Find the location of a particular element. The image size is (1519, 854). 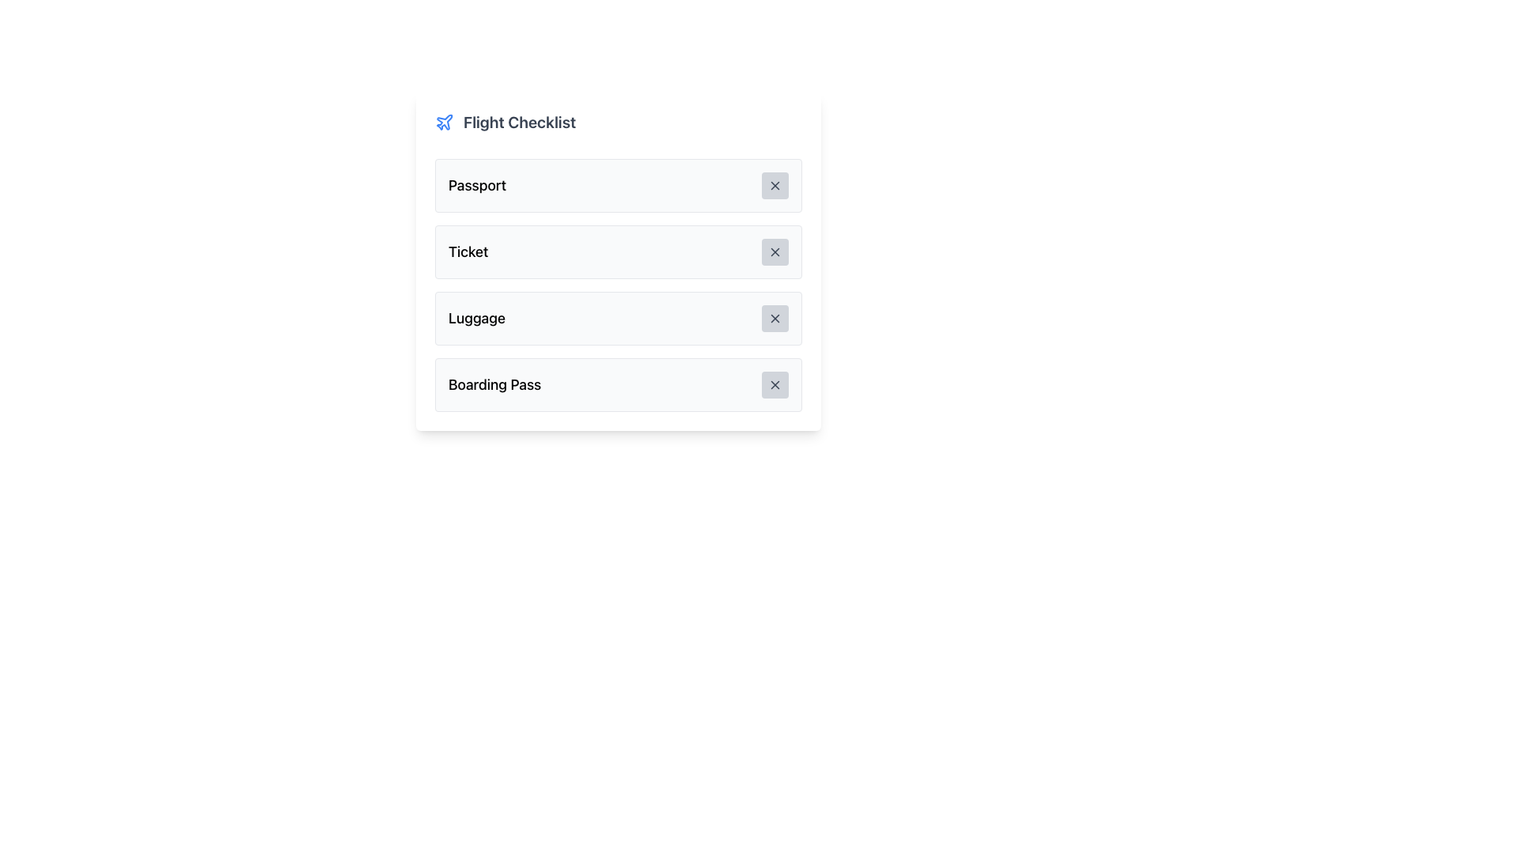

the second item in the 'Flight Checklist' panel for keyboard navigation is located at coordinates (618, 261).